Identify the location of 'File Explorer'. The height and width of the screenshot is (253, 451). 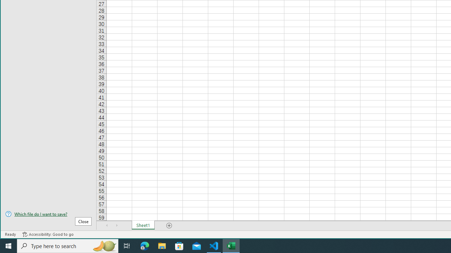
(162, 245).